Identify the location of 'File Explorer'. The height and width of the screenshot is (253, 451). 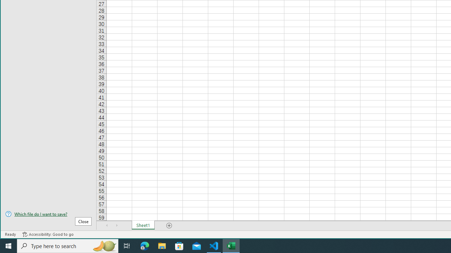
(162, 245).